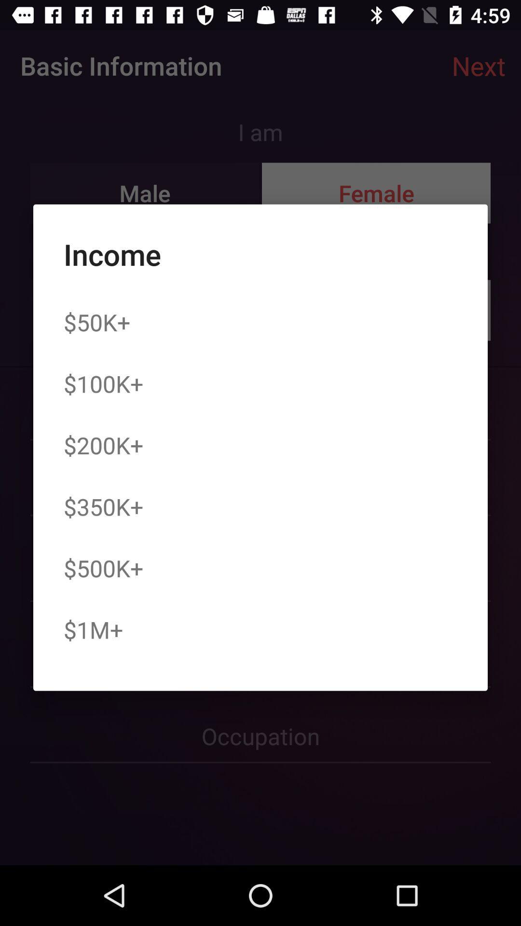  I want to click on $1m+, so click(93, 629).